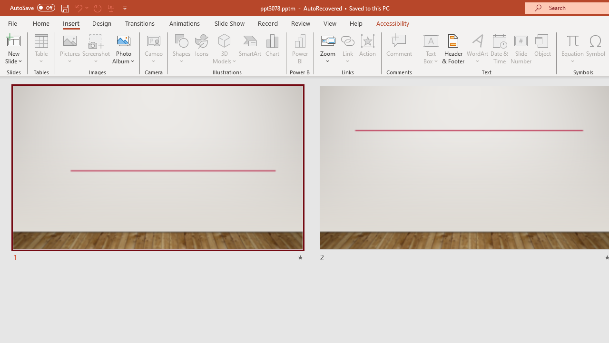 The image size is (609, 343). What do you see at coordinates (250, 49) in the screenshot?
I see `'SmartArt...'` at bounding box center [250, 49].